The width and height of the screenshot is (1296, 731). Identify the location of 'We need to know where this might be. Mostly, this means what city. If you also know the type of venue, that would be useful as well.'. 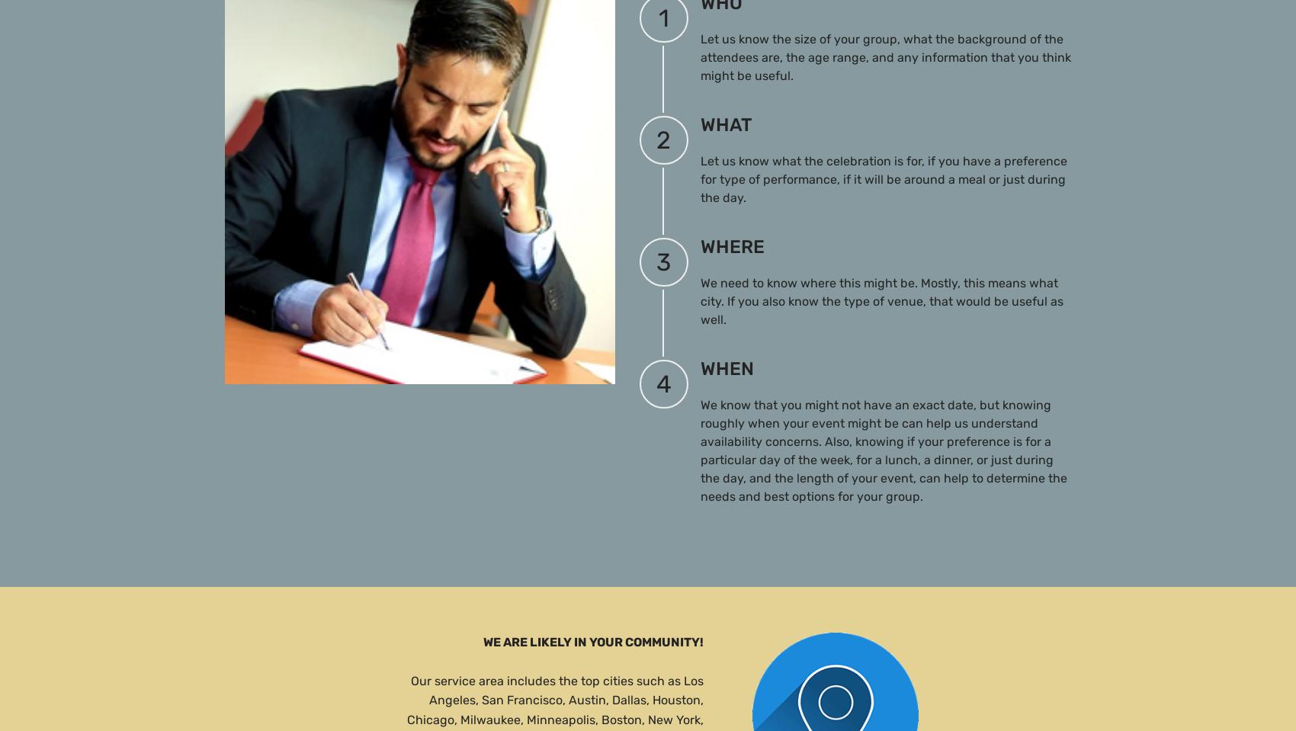
(881, 300).